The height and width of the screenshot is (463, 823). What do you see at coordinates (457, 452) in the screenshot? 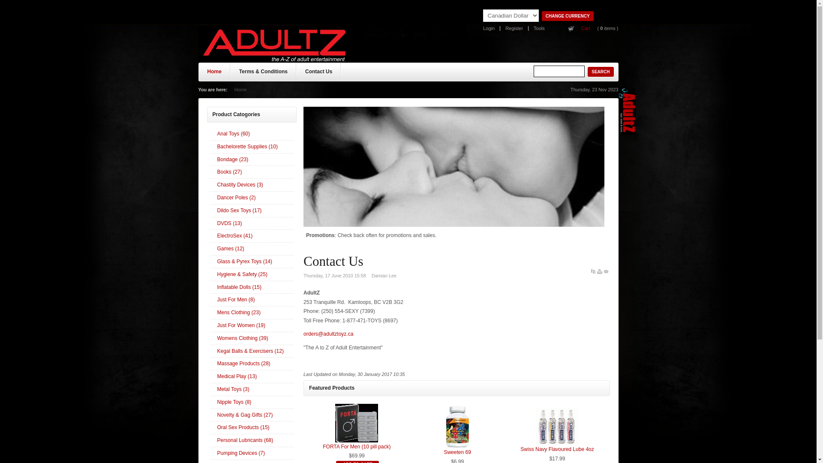
I see `'Sweeten 69'` at bounding box center [457, 452].